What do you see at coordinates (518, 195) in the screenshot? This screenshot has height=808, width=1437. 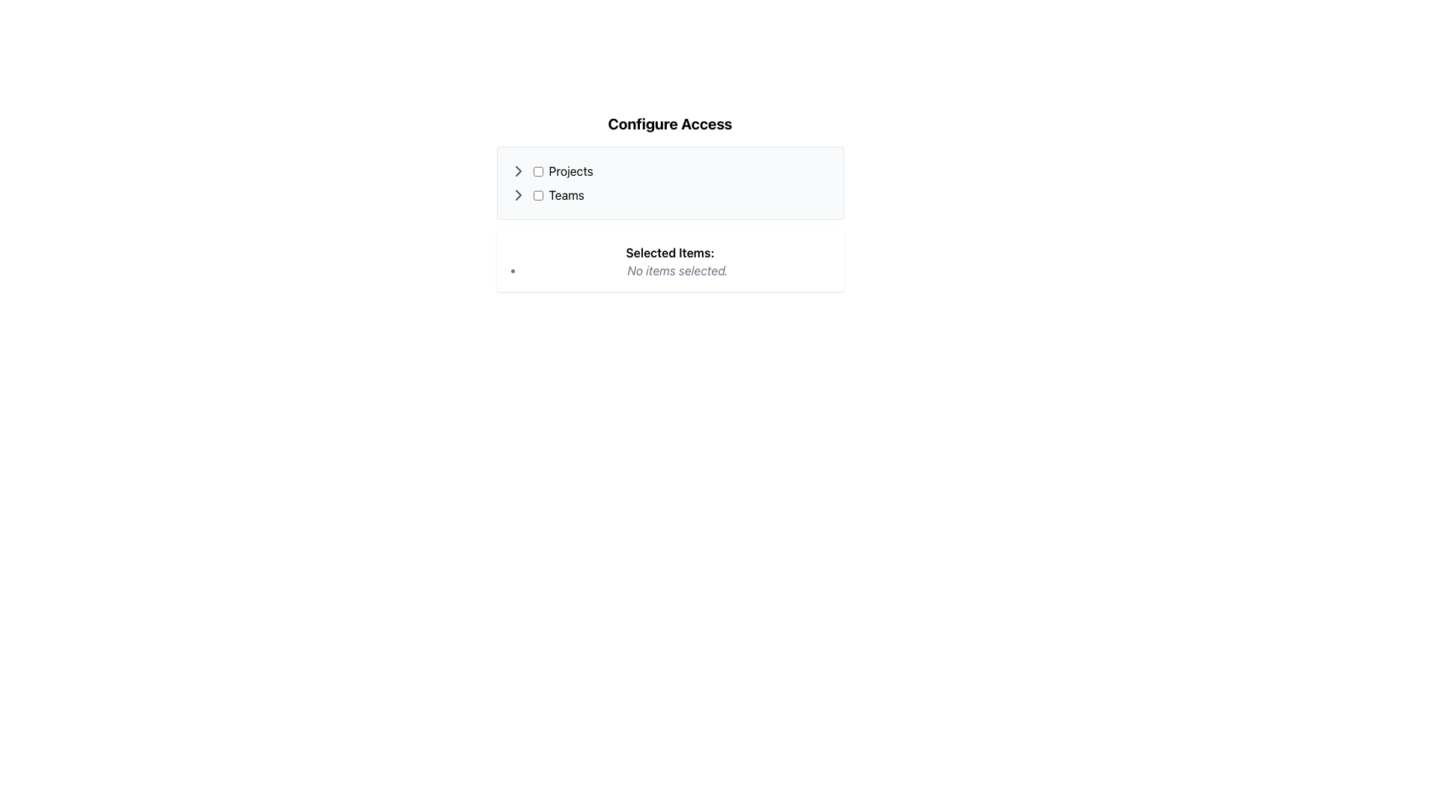 I see `the icon button` at bounding box center [518, 195].